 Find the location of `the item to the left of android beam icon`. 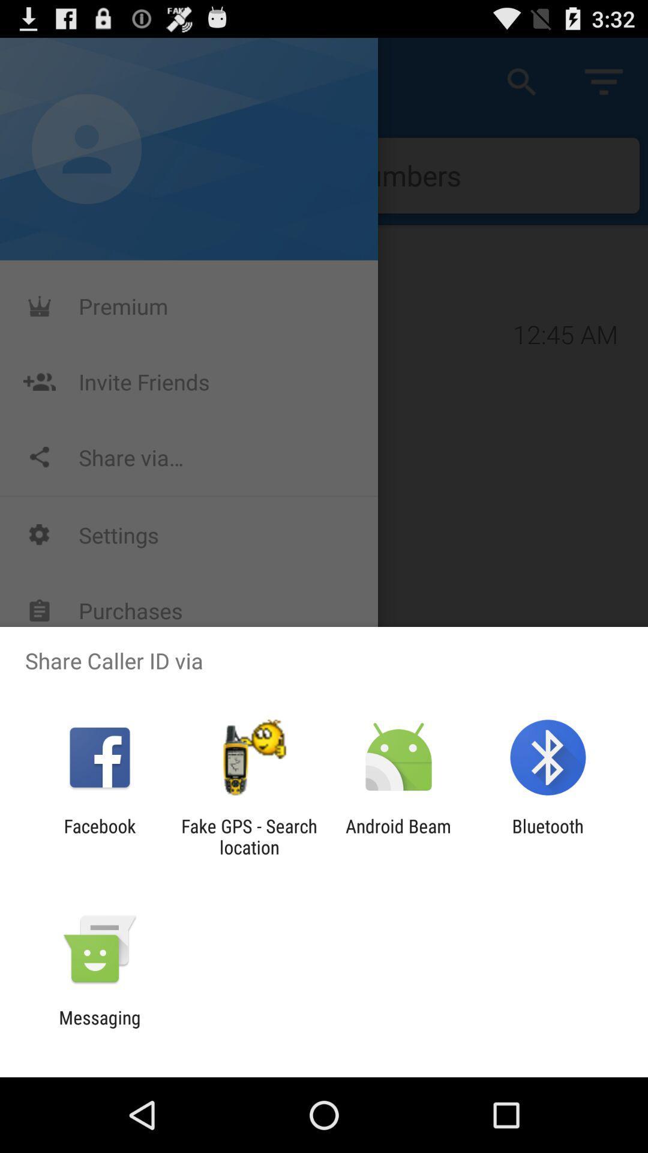

the item to the left of android beam icon is located at coordinates (248, 836).